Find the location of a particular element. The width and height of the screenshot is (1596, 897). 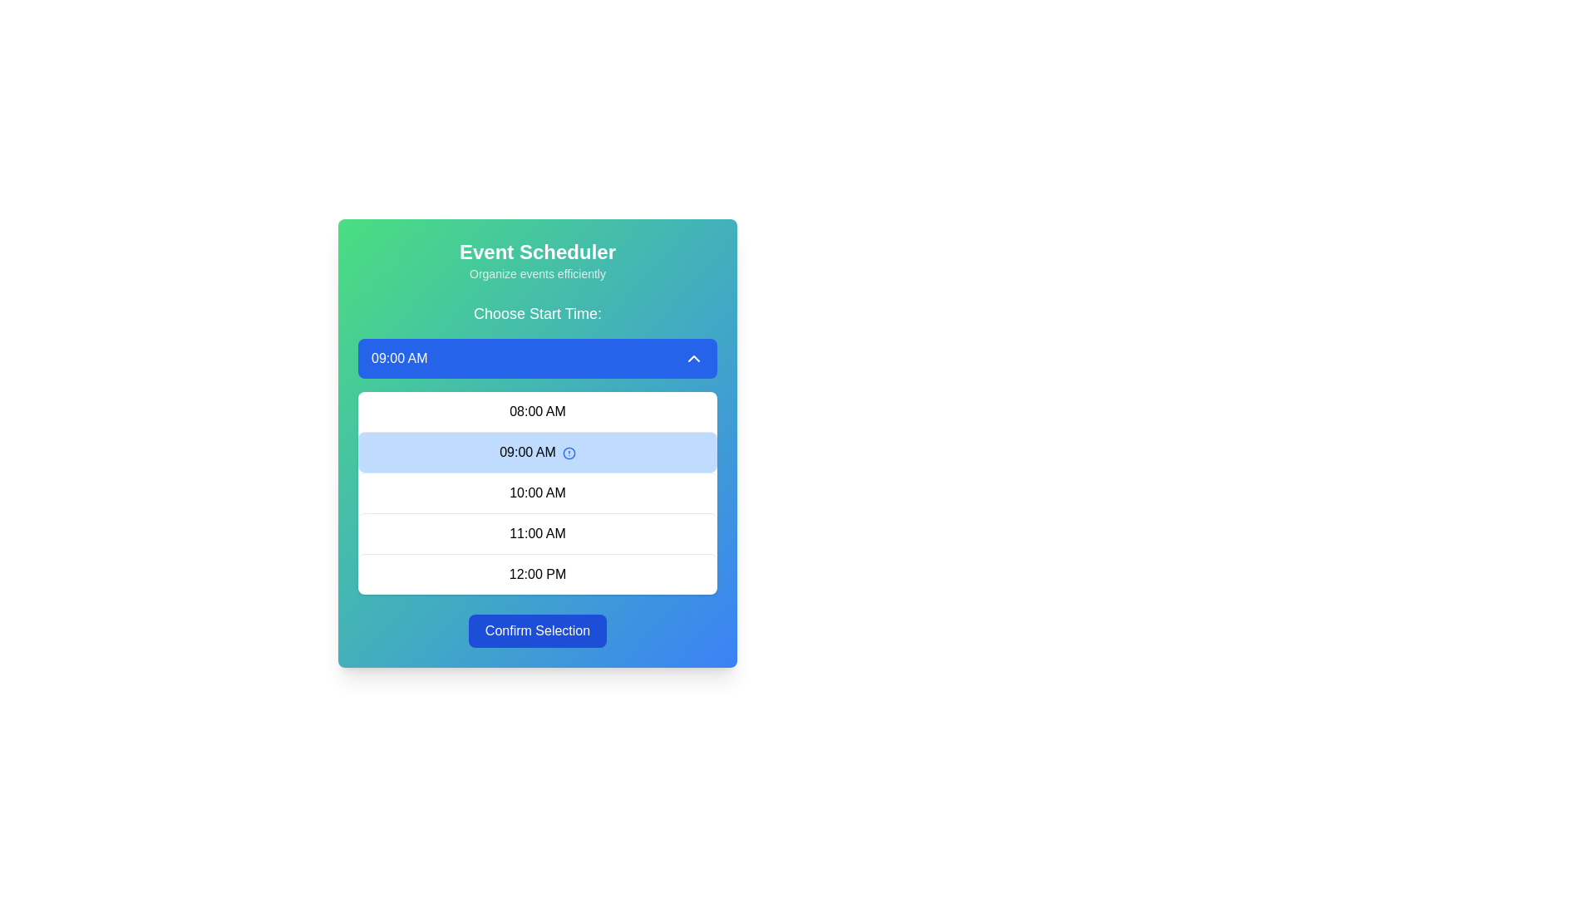

the time option in the Dropdown menu located in the 'Event Scheduler' section, directly below the heading 'Choose Start Time:' is located at coordinates (538, 448).